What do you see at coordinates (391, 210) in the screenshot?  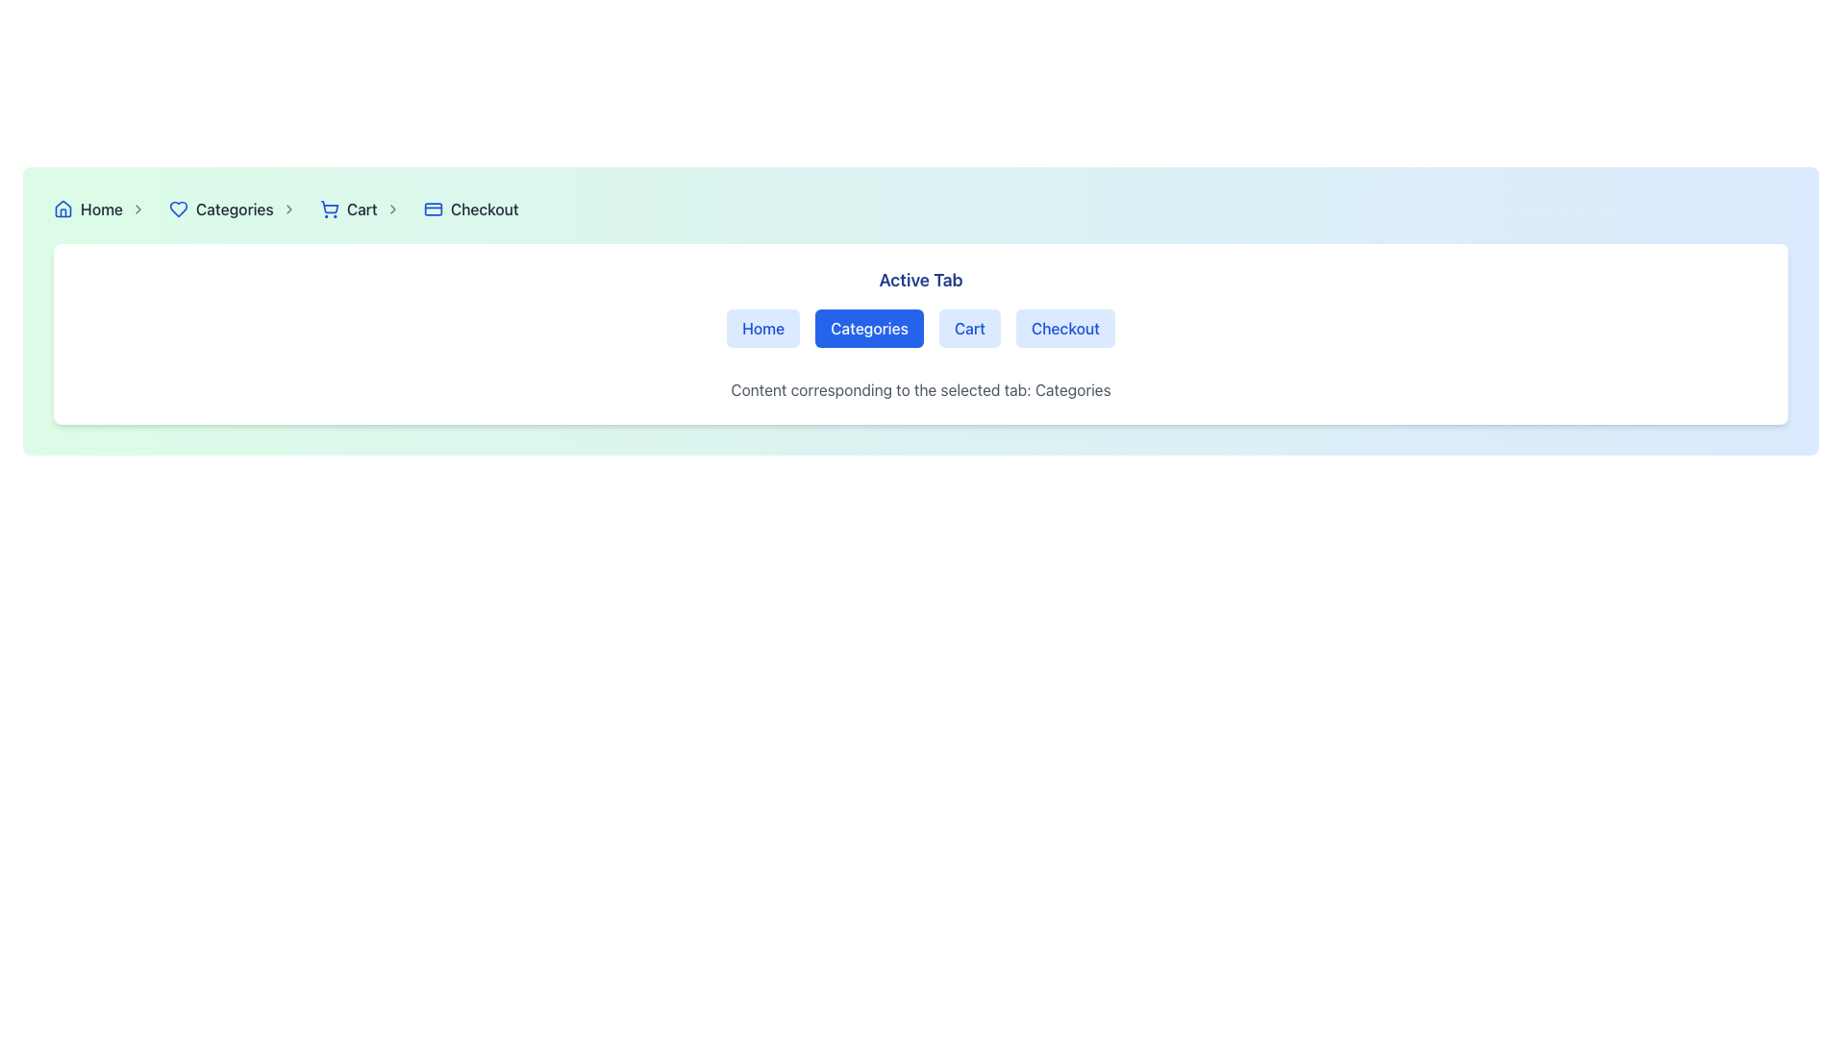 I see `the right-pointing chevron icon in the breadcrumb navigation between the 'Cart' and 'Checkout' labels` at bounding box center [391, 210].